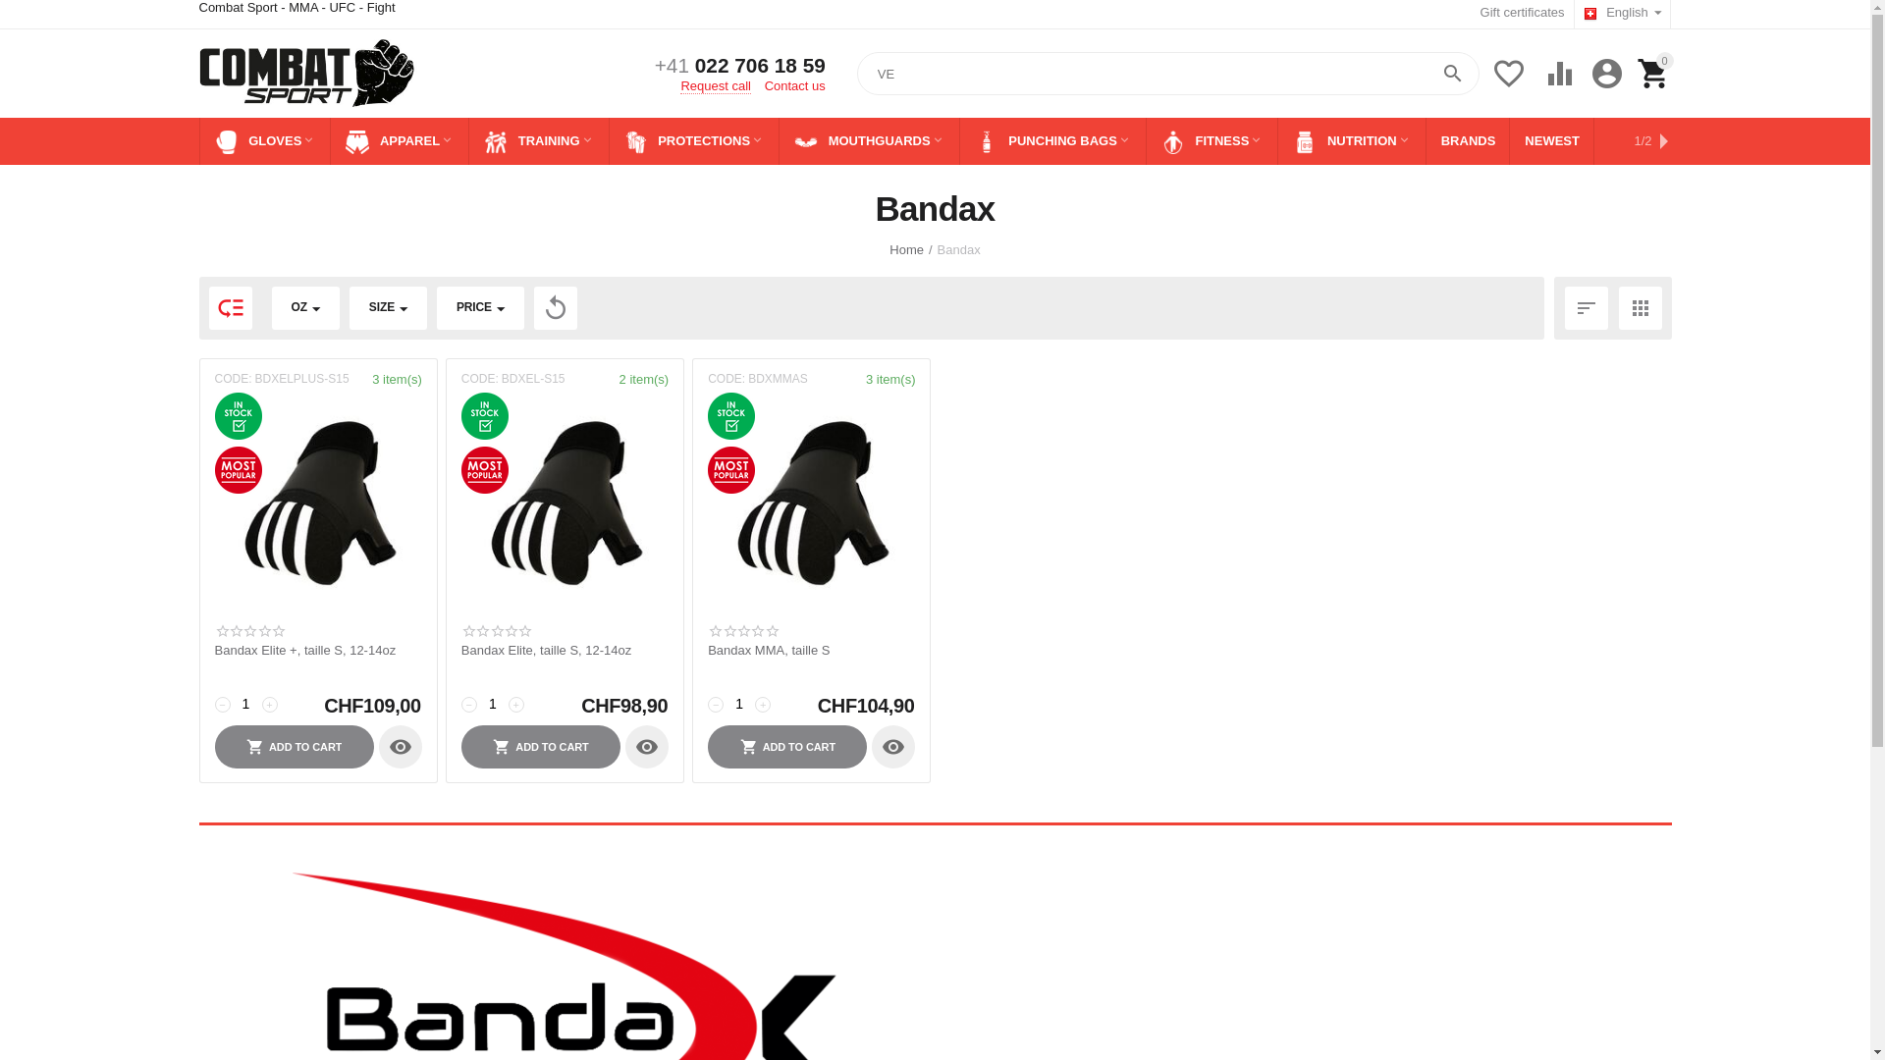  I want to click on 'Contact us', so click(795, 84).